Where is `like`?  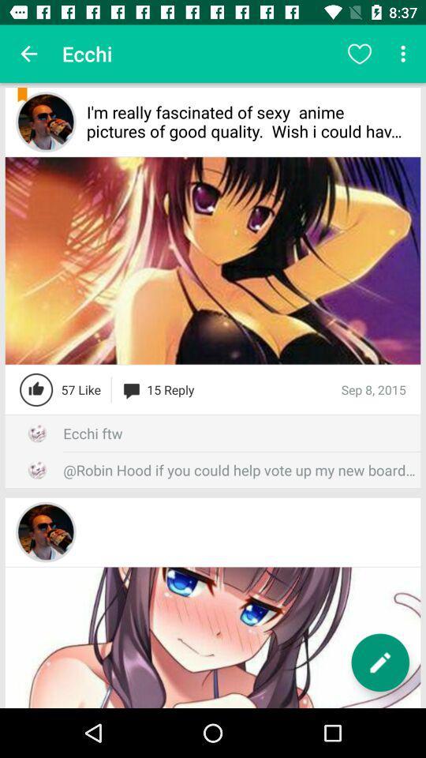 like is located at coordinates (36, 388).